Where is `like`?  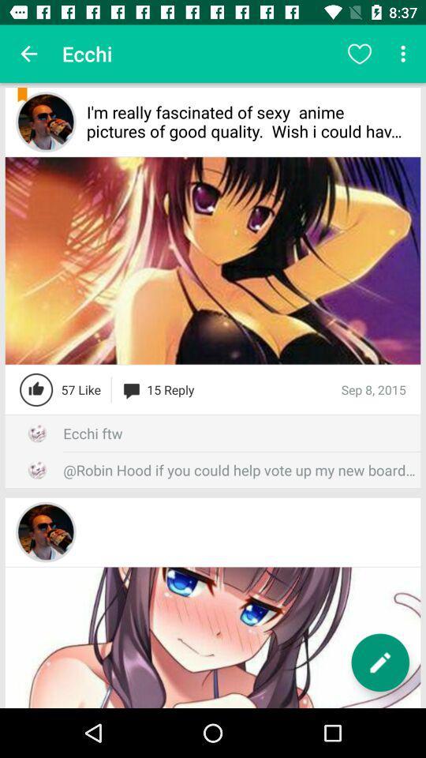 like is located at coordinates (36, 388).